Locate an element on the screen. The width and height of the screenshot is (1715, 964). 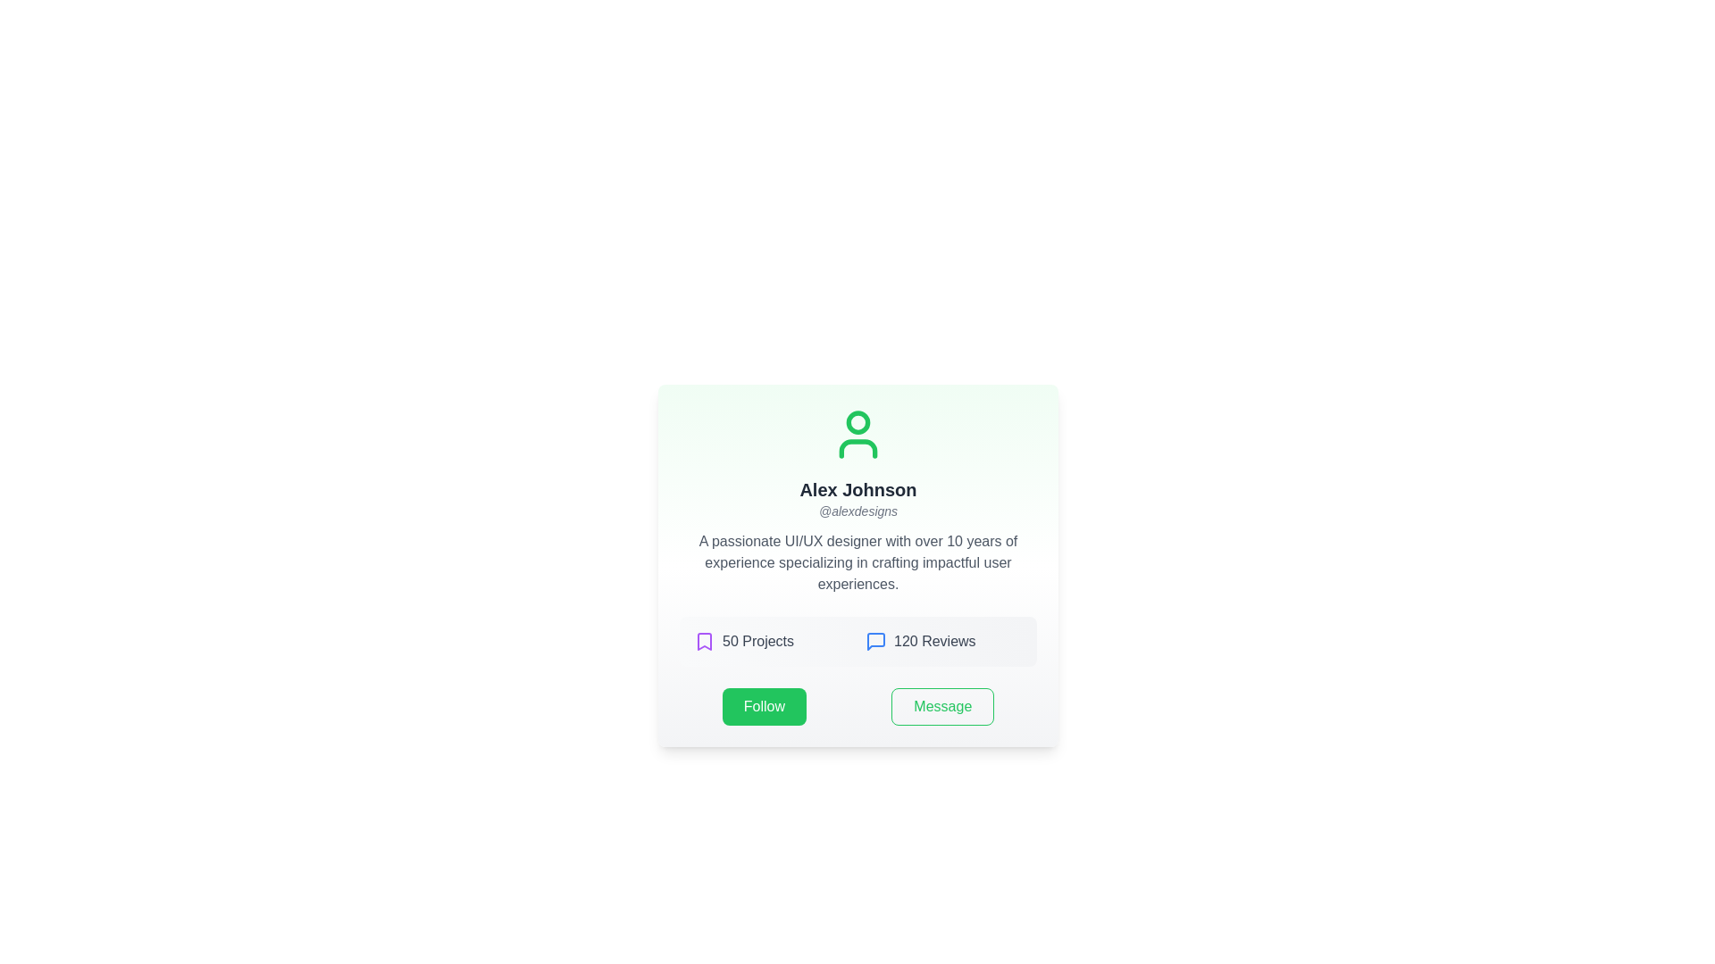
the numbers displayed in the Informational section, which provides an overview of the user's works and received reviews, located above the 'Follow' and 'Message' buttons is located at coordinates (857, 640).